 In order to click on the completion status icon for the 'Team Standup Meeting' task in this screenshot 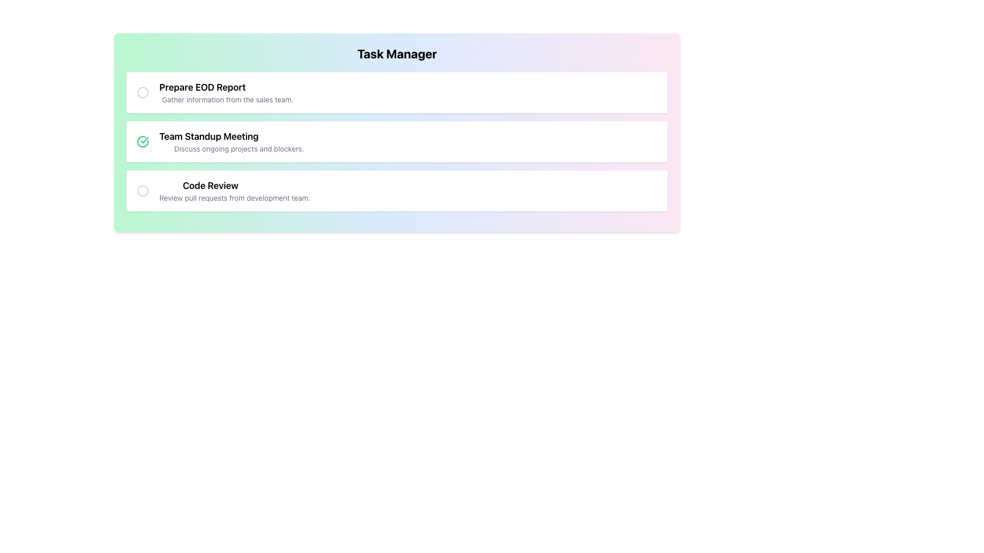, I will do `click(142, 142)`.